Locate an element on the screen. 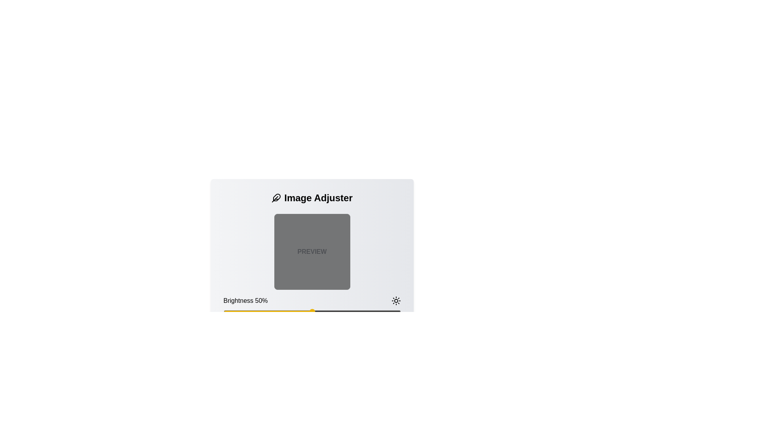 The width and height of the screenshot is (760, 427). the slider is located at coordinates (340, 312).